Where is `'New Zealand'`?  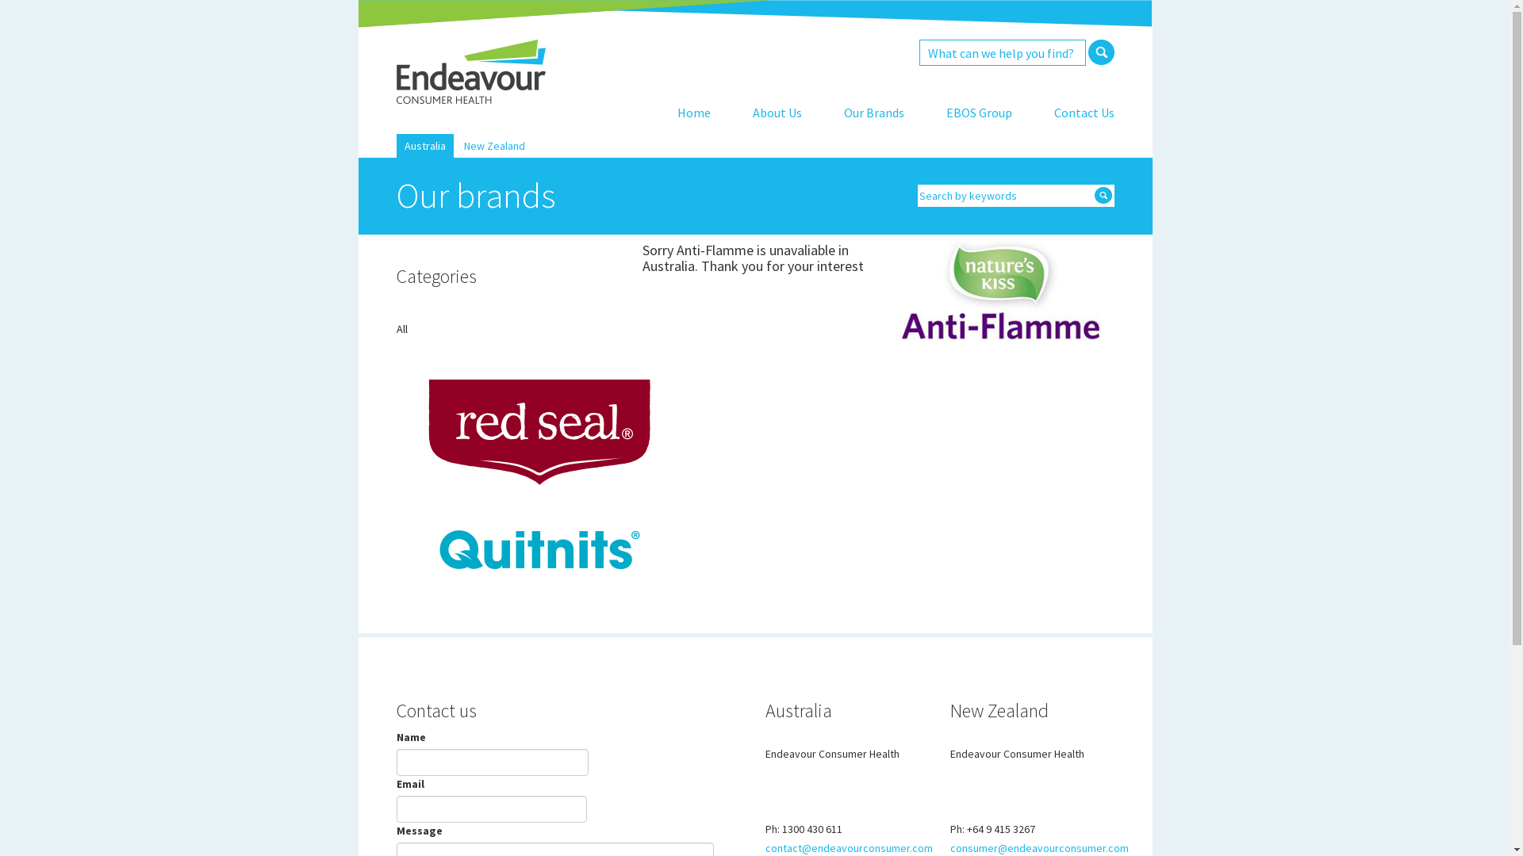 'New Zealand' is located at coordinates (493, 146).